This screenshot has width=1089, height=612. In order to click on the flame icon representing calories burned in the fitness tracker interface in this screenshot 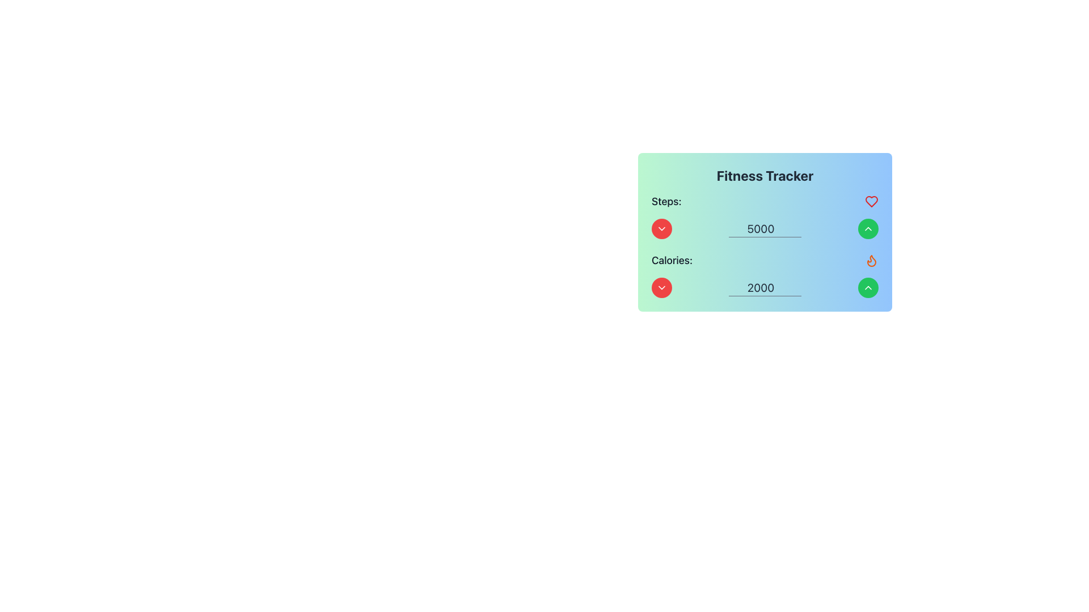, I will do `click(871, 260)`.